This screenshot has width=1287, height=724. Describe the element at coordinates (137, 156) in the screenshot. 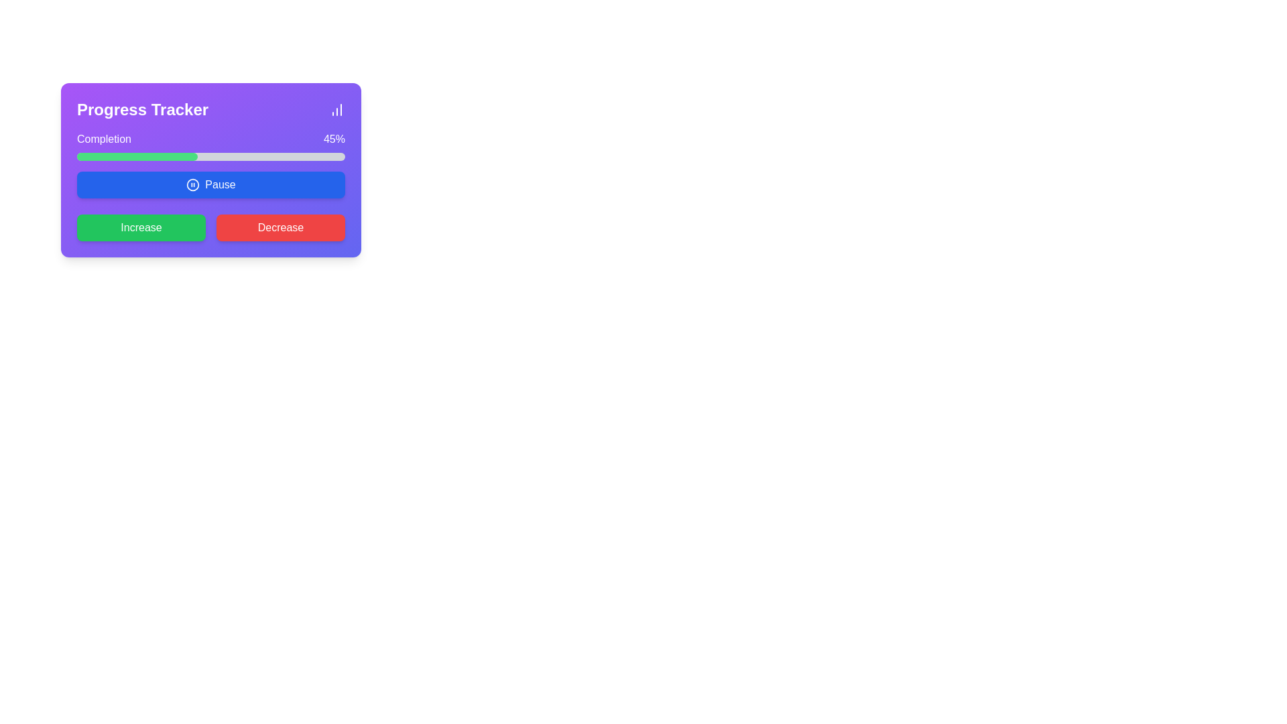

I see `the leftmost segment of the progress bar in the 'Progress Tracker' section, which visually represents the completion status of a task as a percentage` at that location.